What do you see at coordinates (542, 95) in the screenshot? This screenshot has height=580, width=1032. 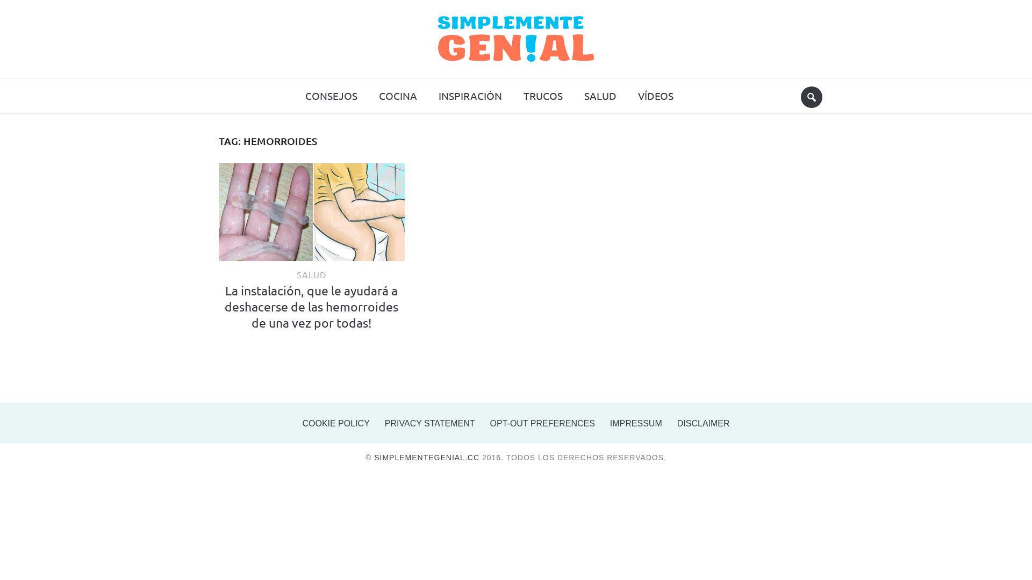 I see `'TRUCOS'` at bounding box center [542, 95].